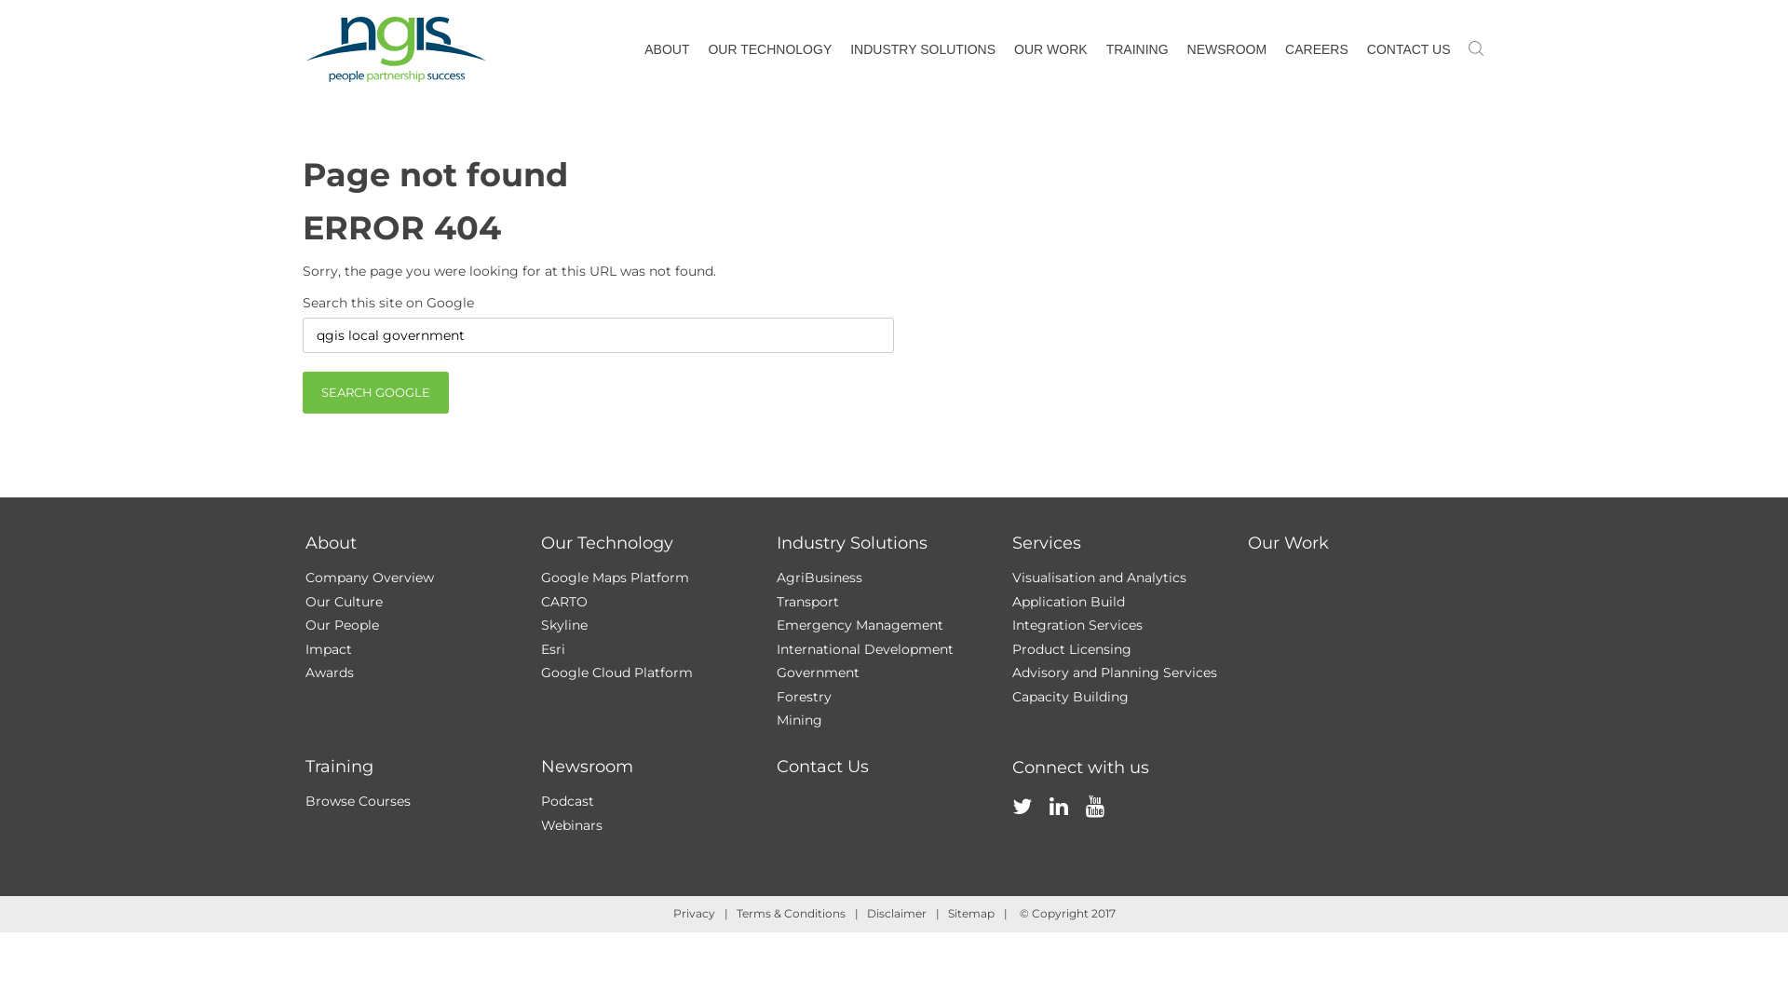  I want to click on 'NGIS', so click(395, 48).